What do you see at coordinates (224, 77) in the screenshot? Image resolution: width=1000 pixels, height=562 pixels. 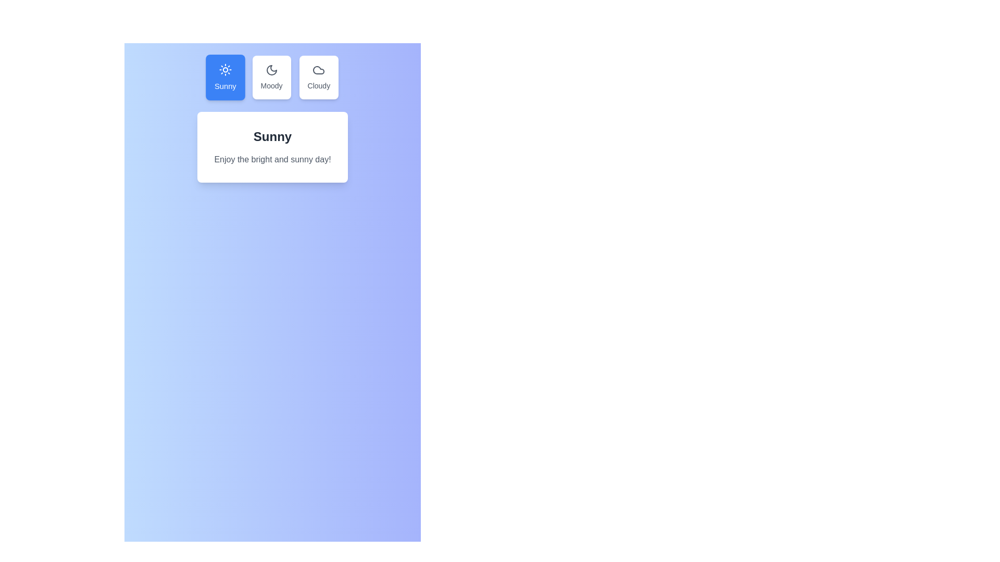 I see `the weather tab labeled Sunny and read its content` at bounding box center [224, 77].